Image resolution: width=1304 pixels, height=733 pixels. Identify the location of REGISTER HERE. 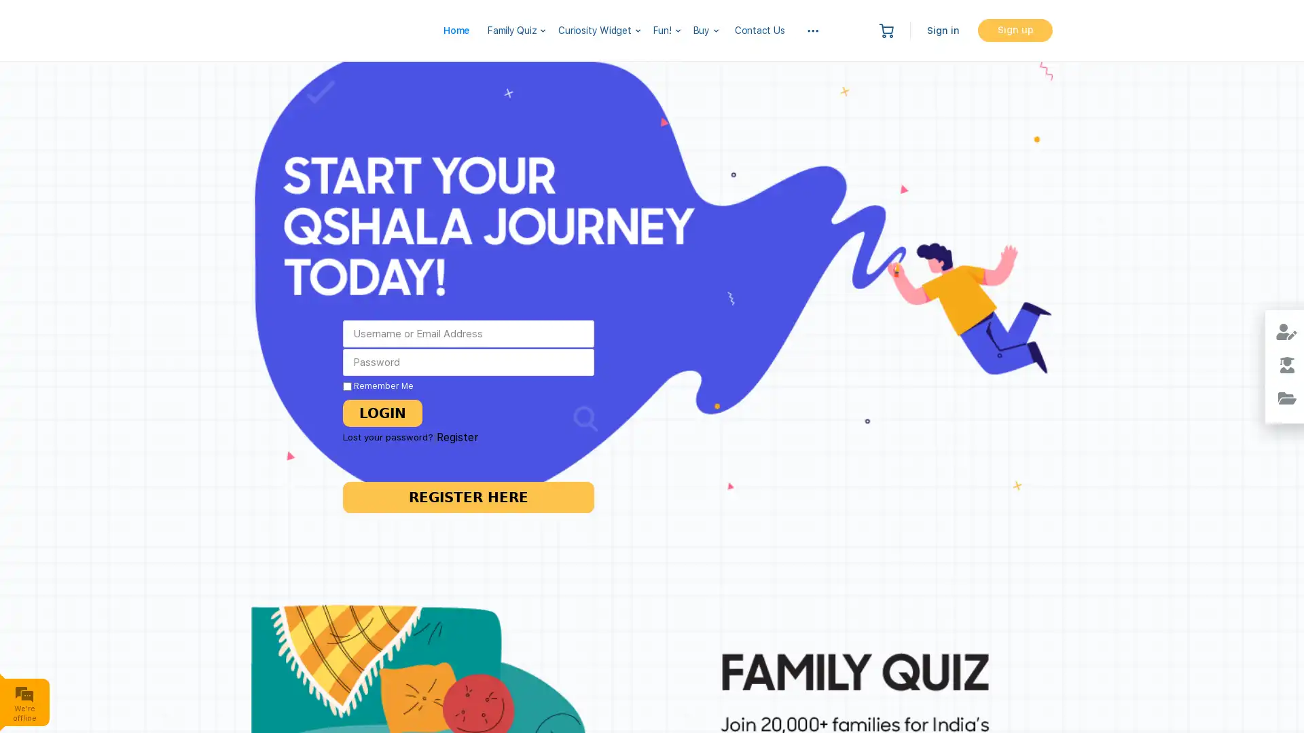
(469, 497).